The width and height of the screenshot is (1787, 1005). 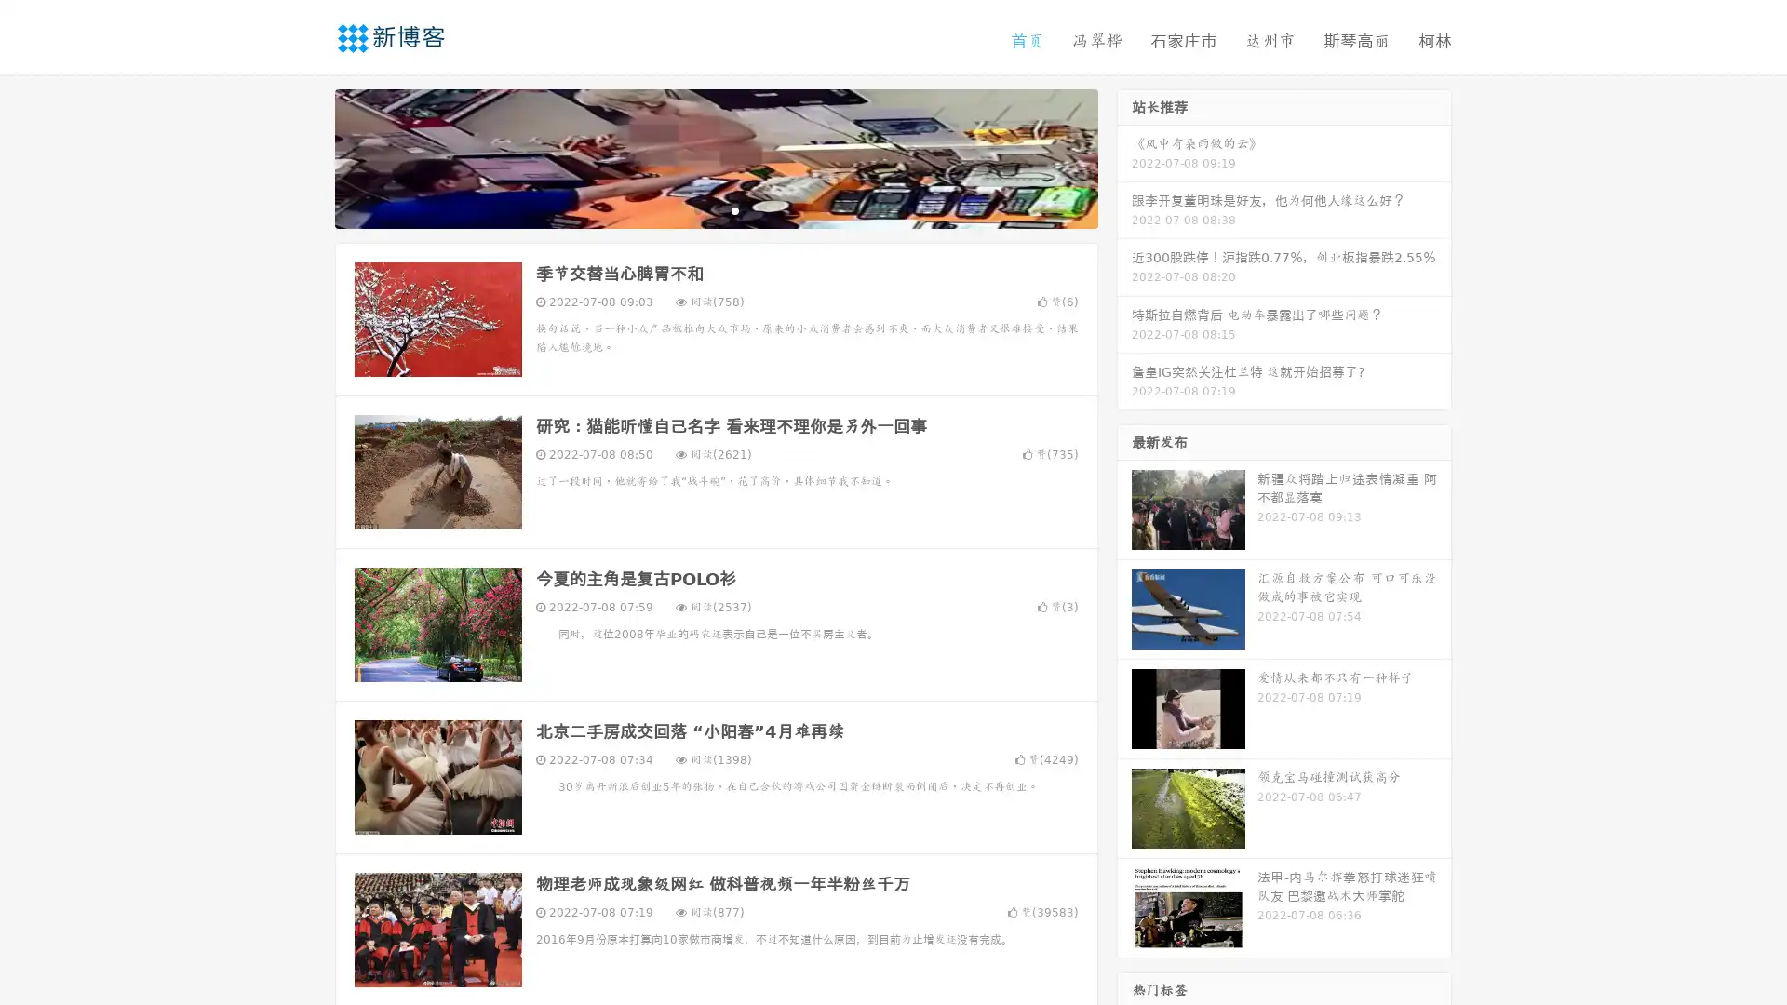 I want to click on Go to slide 2, so click(x=715, y=209).